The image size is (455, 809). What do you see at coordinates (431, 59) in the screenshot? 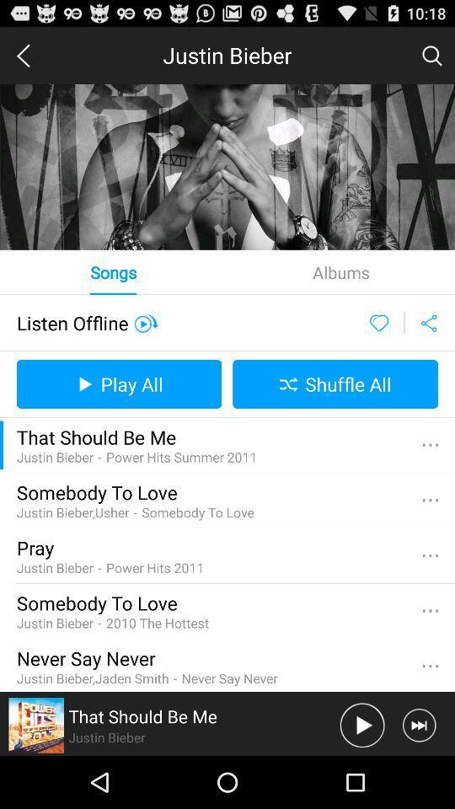
I see `the search icon` at bounding box center [431, 59].